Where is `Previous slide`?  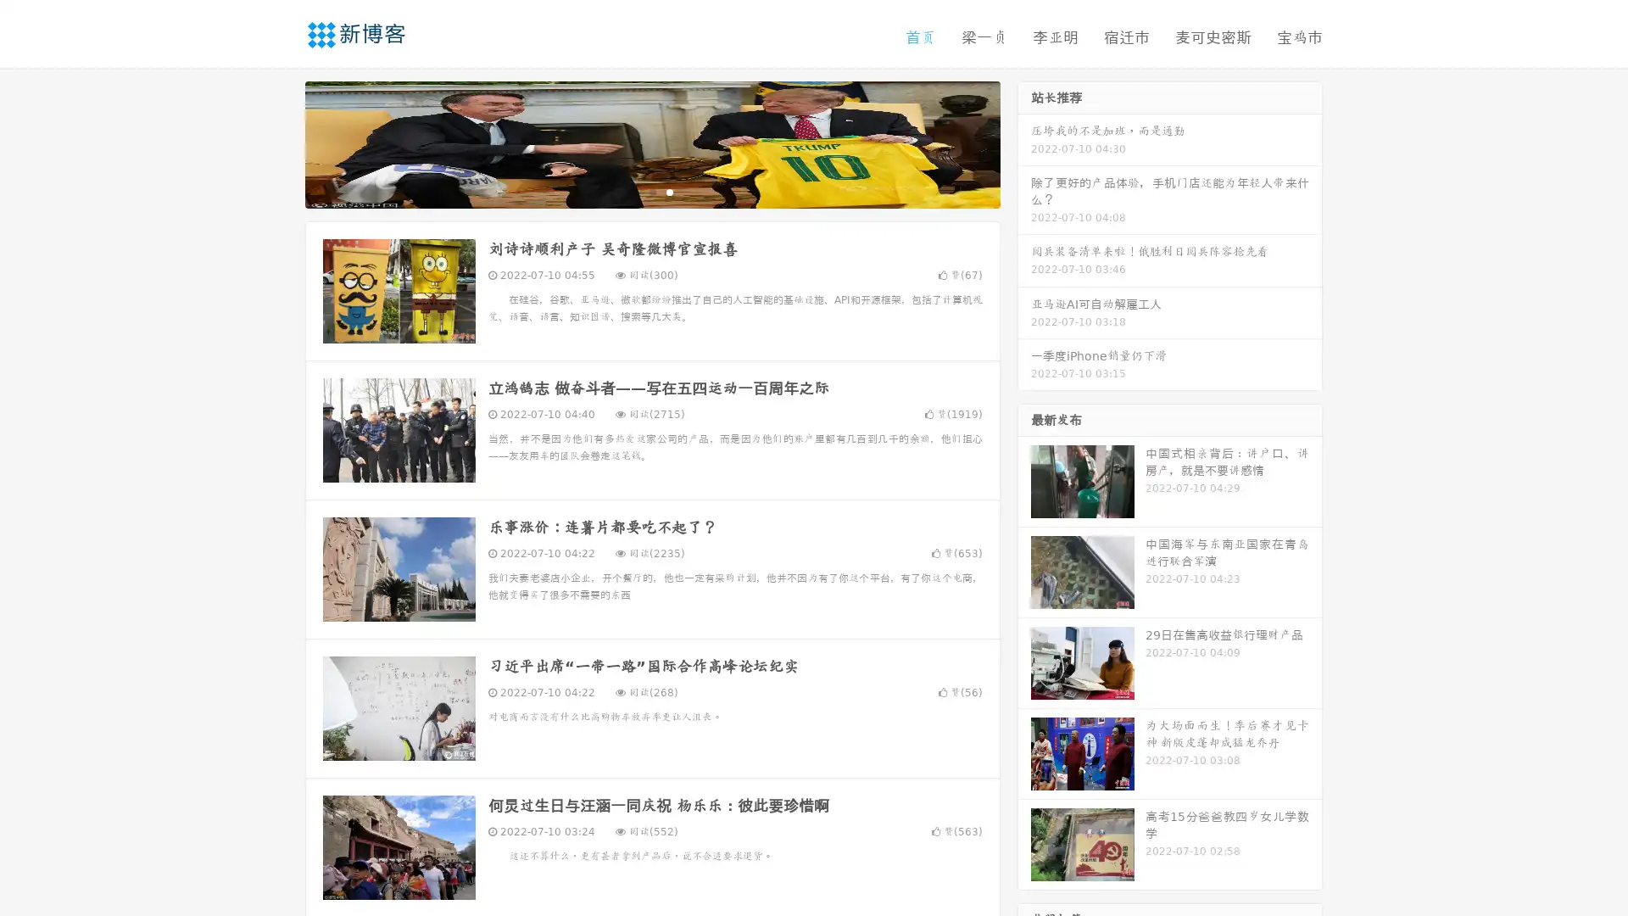 Previous slide is located at coordinates (280, 142).